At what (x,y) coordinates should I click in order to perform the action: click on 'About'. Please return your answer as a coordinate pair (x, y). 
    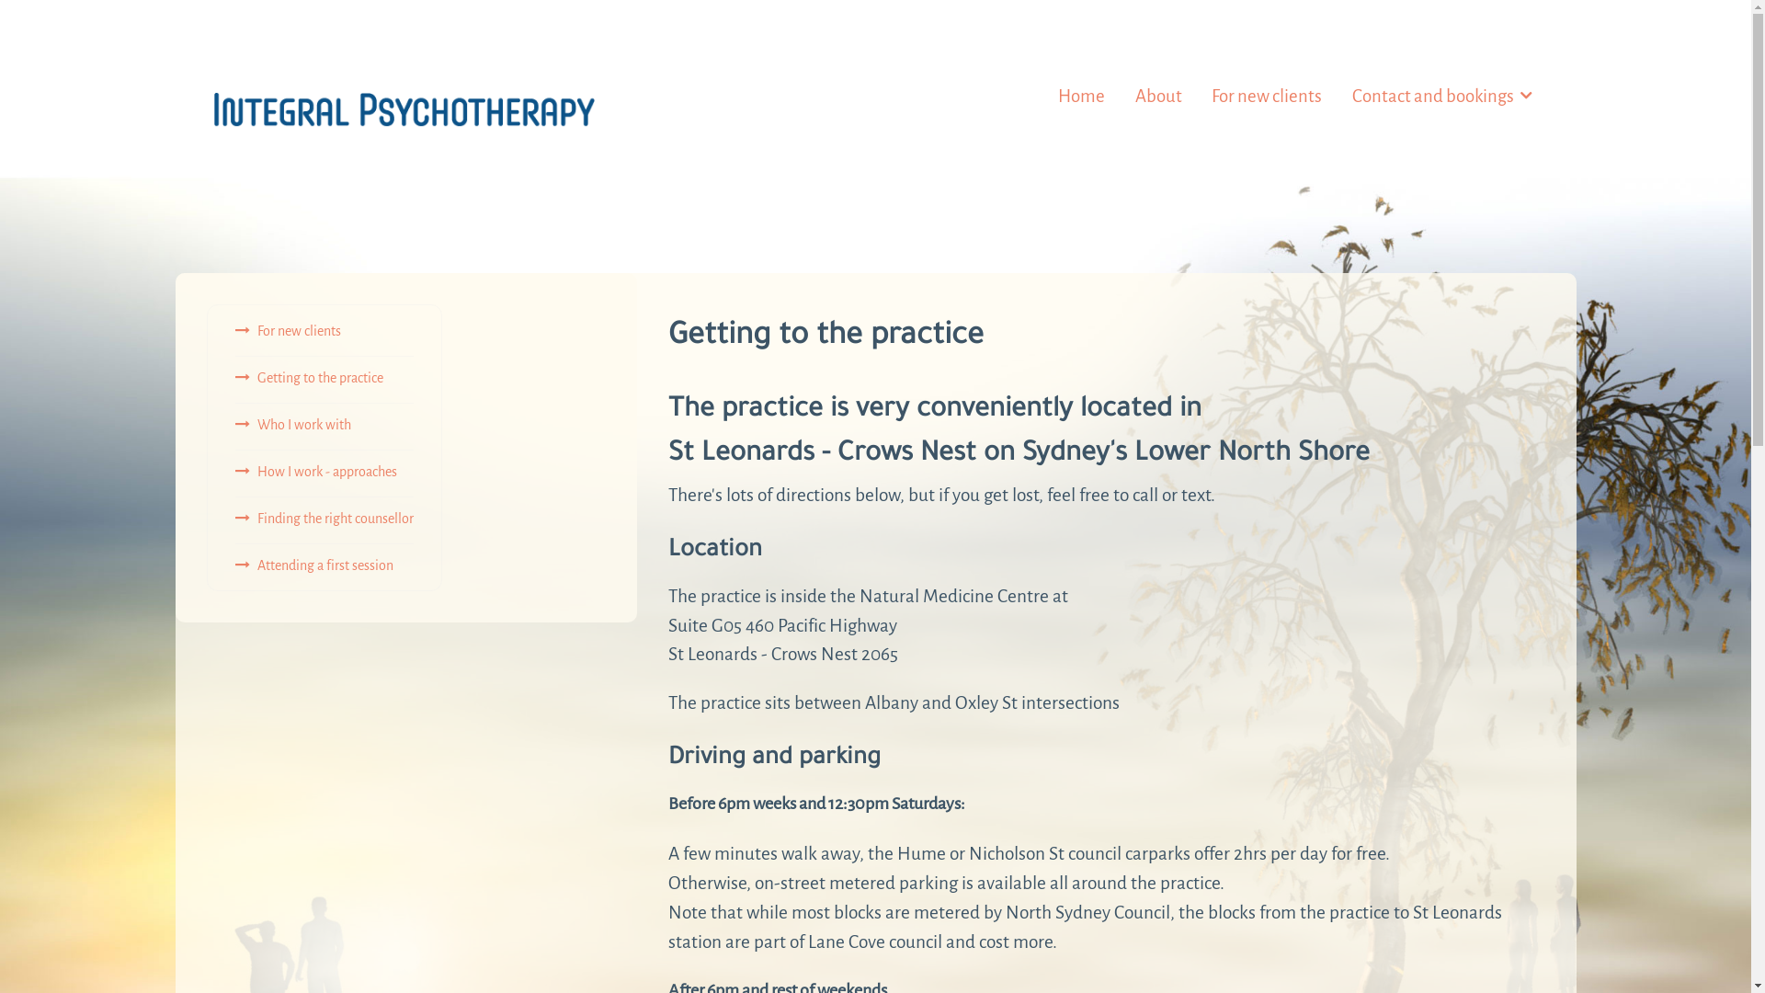
    Looking at the image, I should click on (1120, 96).